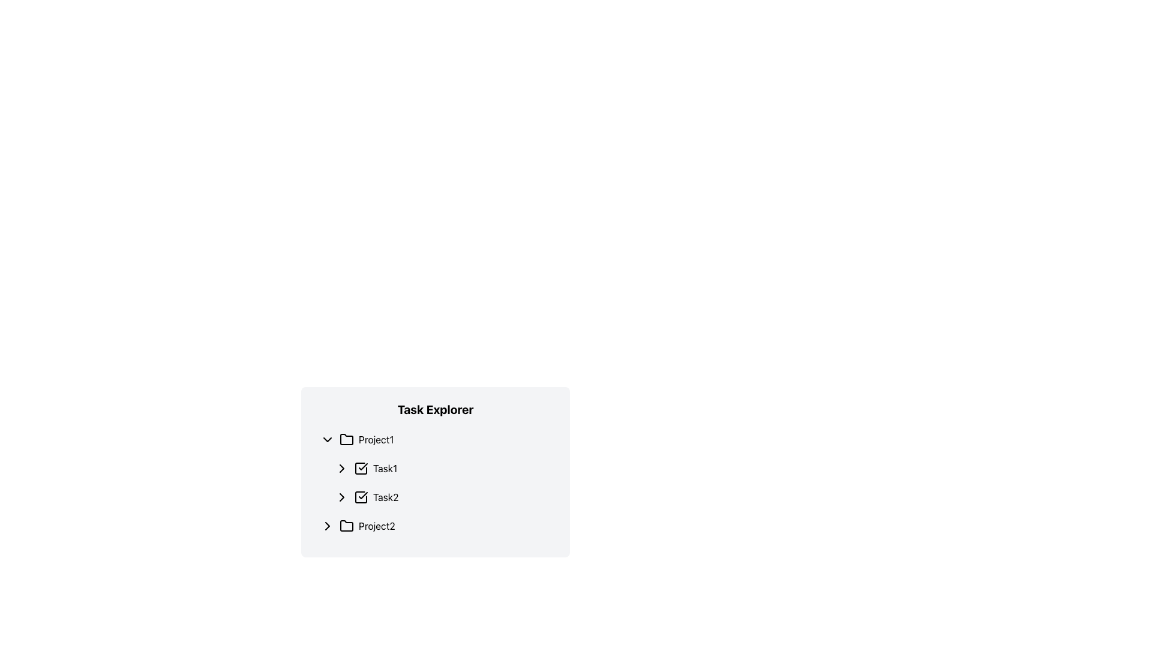 Image resolution: width=1152 pixels, height=648 pixels. I want to click on the Chevron expand/collapse icon, so click(328, 525).